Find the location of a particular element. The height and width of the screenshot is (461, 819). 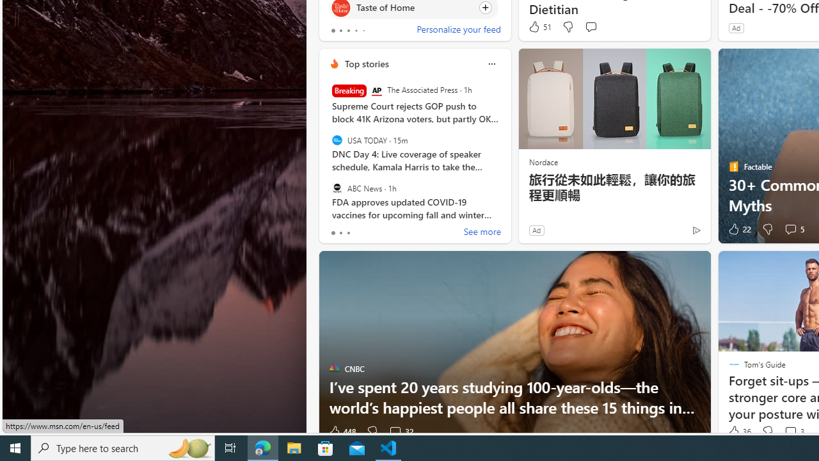

'Dislike' is located at coordinates (768, 432).